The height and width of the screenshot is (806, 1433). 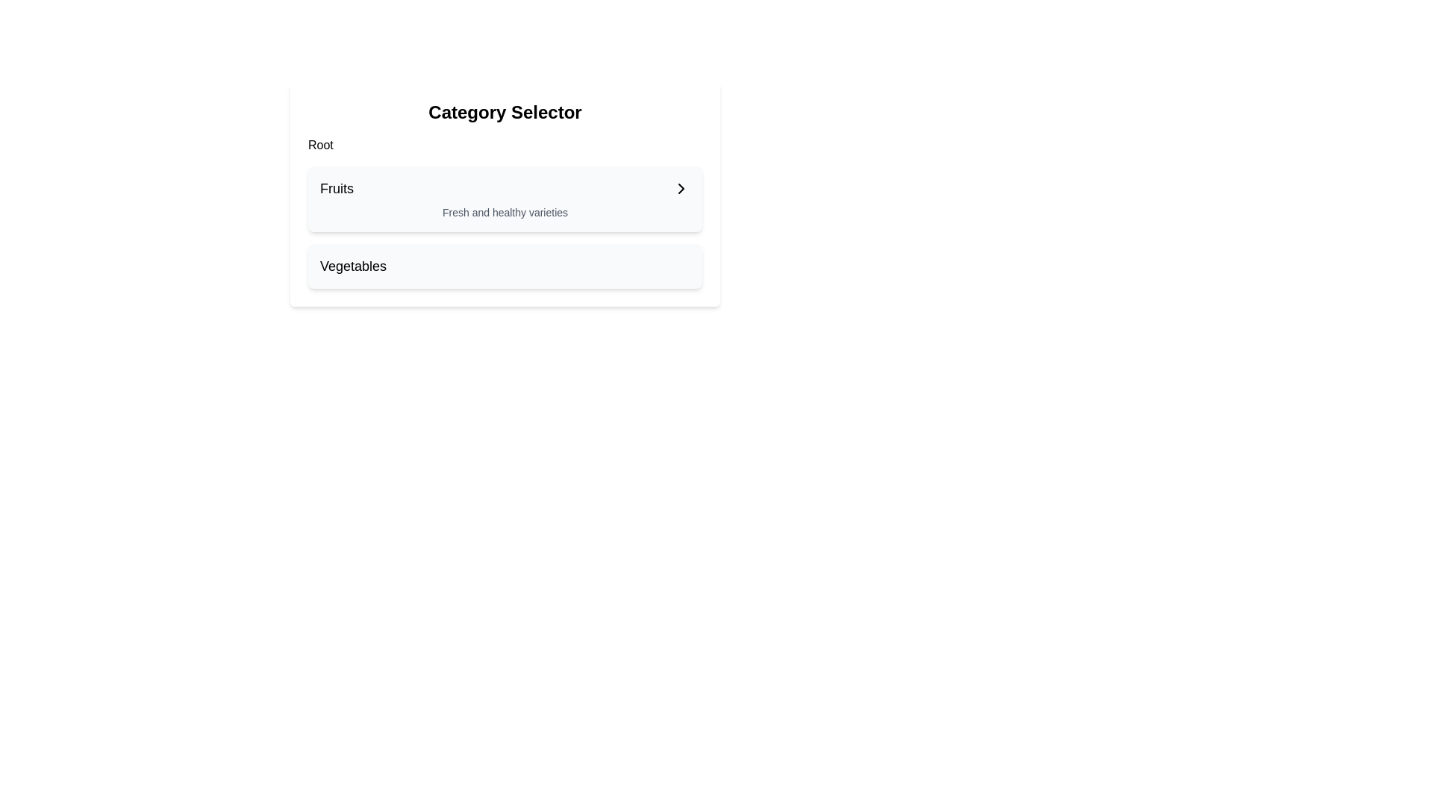 What do you see at coordinates (319, 146) in the screenshot?
I see `the static text label displaying 'Root', located near the top-left corner of the 'Category Selector' section` at bounding box center [319, 146].